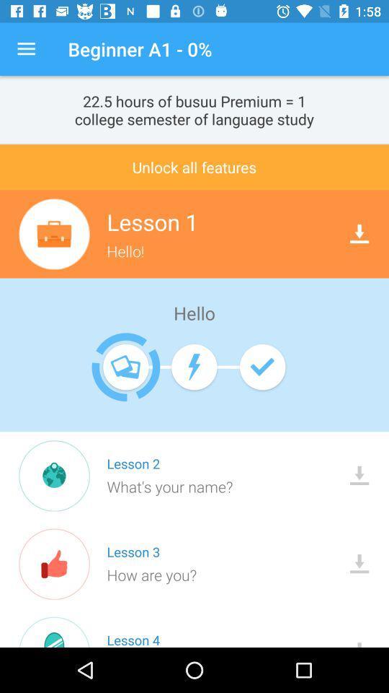  What do you see at coordinates (126, 366) in the screenshot?
I see `the icon which is at first left side under hello` at bounding box center [126, 366].